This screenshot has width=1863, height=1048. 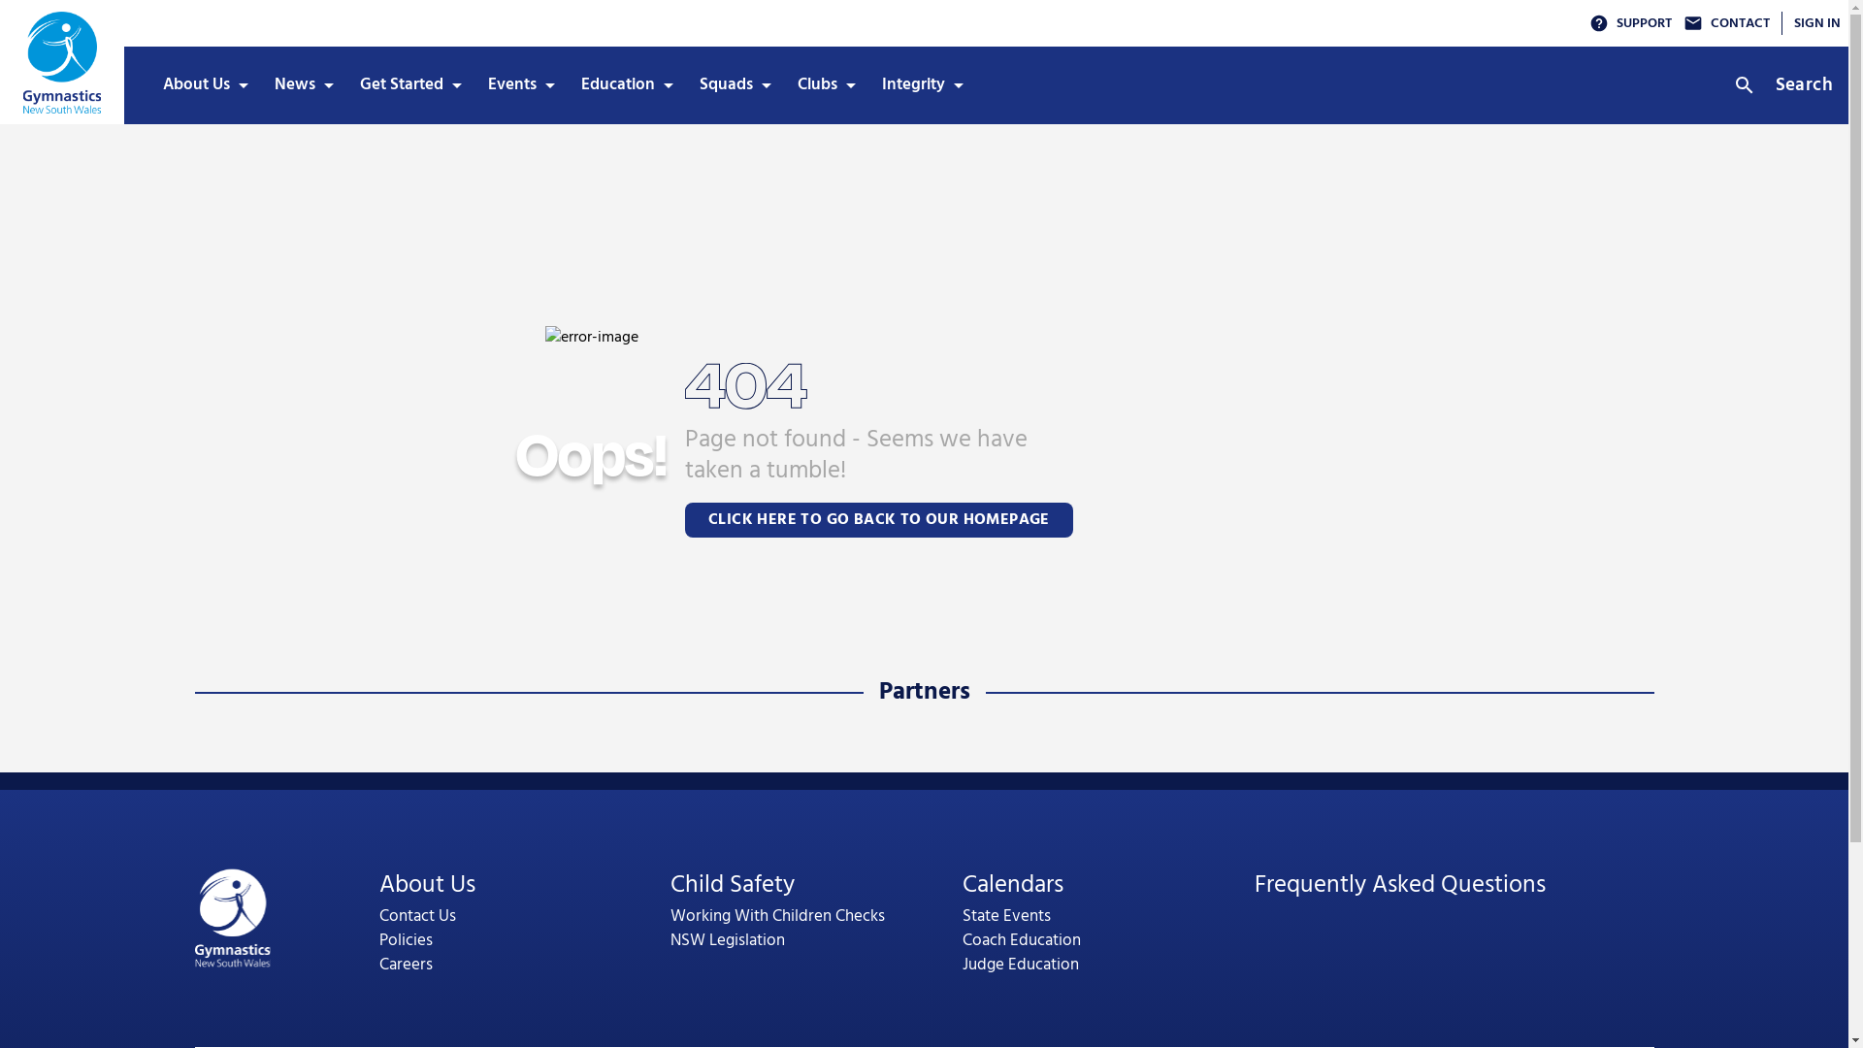 I want to click on 'Events', so click(x=518, y=84).